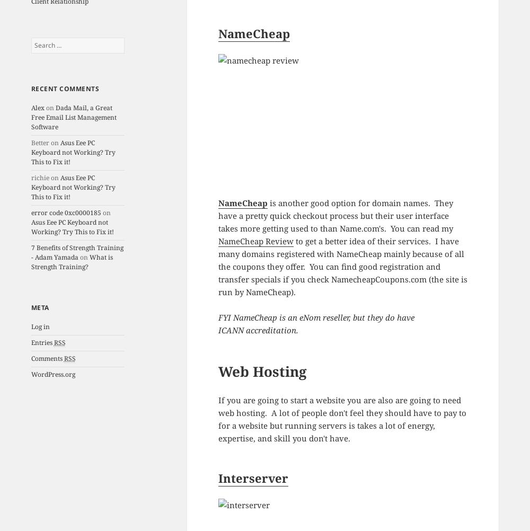 The width and height of the screenshot is (530, 531). Describe the element at coordinates (261, 370) in the screenshot. I see `'Web Hosting'` at that location.